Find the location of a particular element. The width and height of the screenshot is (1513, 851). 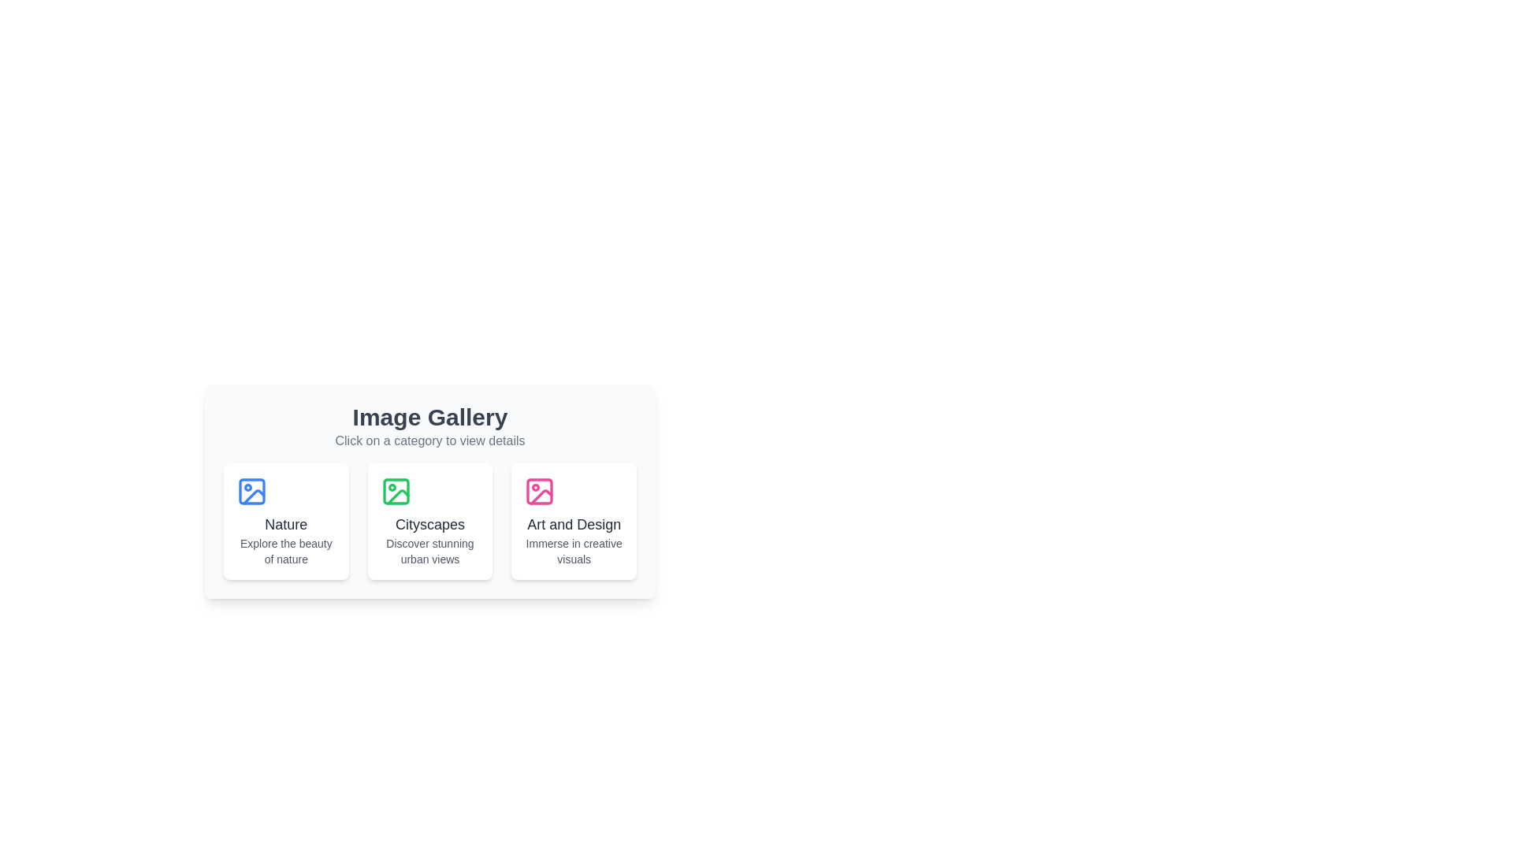

instruction text displayed below the 'Image Gallery' label, which guides users on how to interact with the categories below it is located at coordinates (430, 440).